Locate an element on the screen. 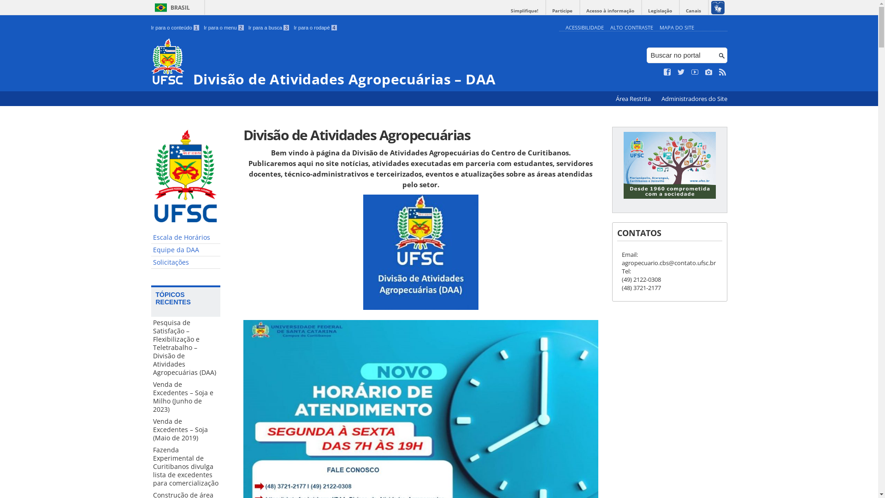  'ACESSIBILIDADE' is located at coordinates (584, 27).